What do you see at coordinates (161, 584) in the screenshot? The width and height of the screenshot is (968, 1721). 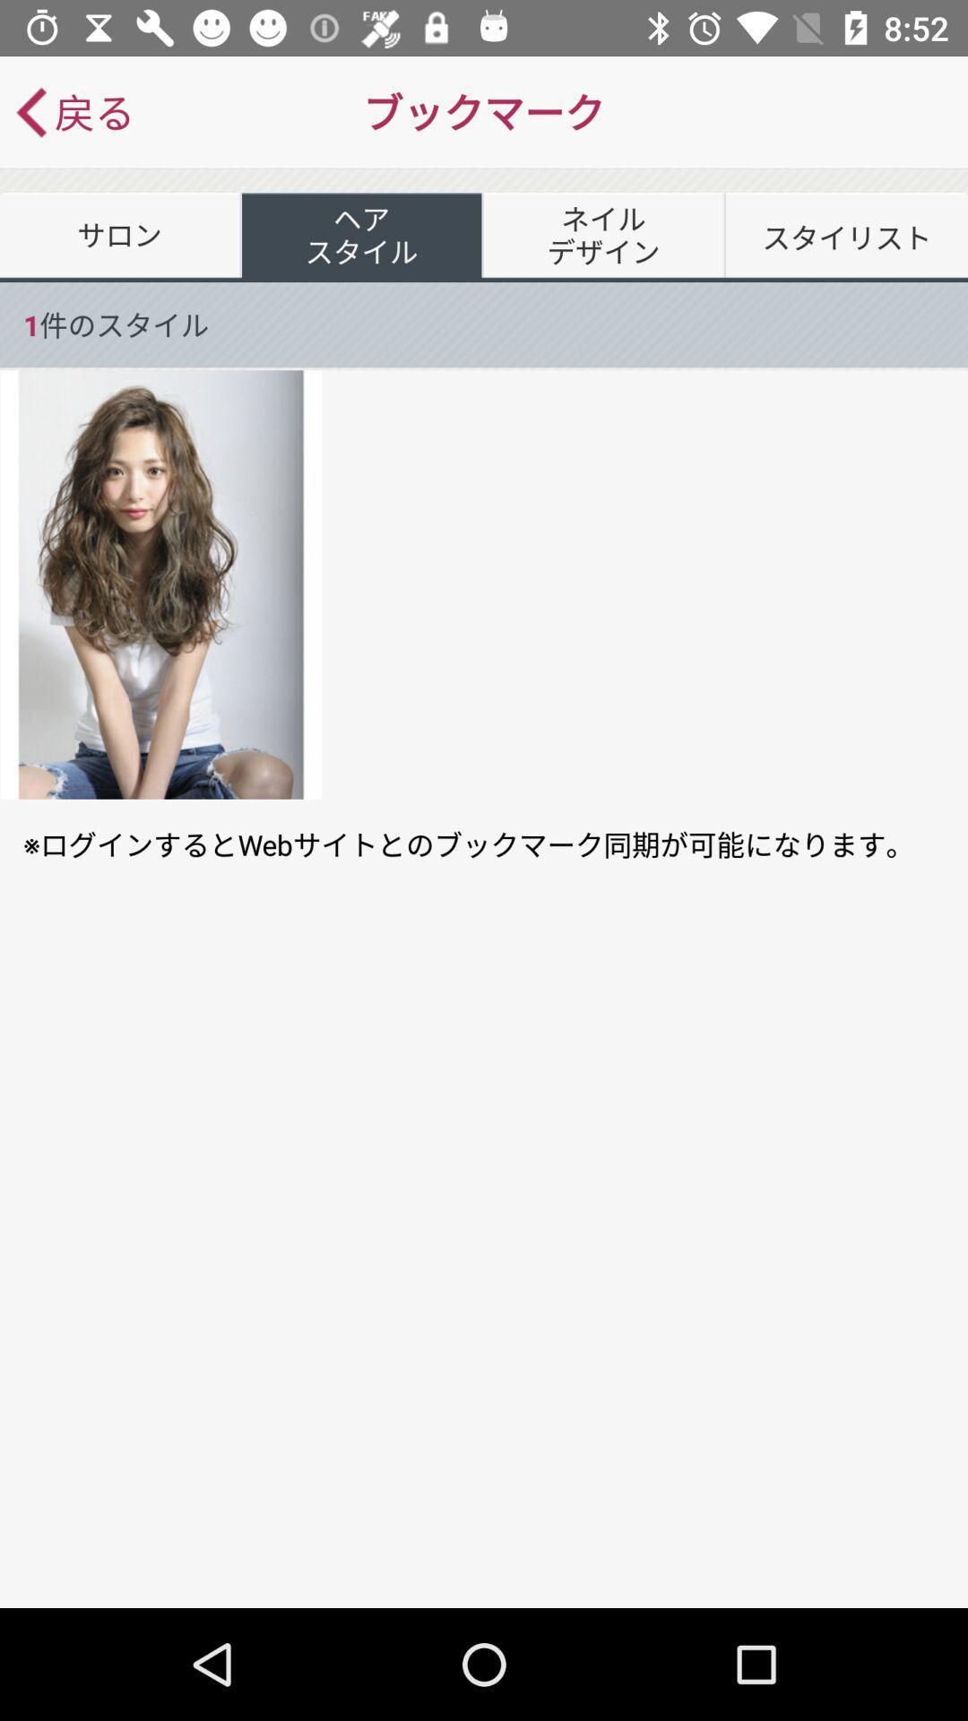 I see `the icon below 1 icon` at bounding box center [161, 584].